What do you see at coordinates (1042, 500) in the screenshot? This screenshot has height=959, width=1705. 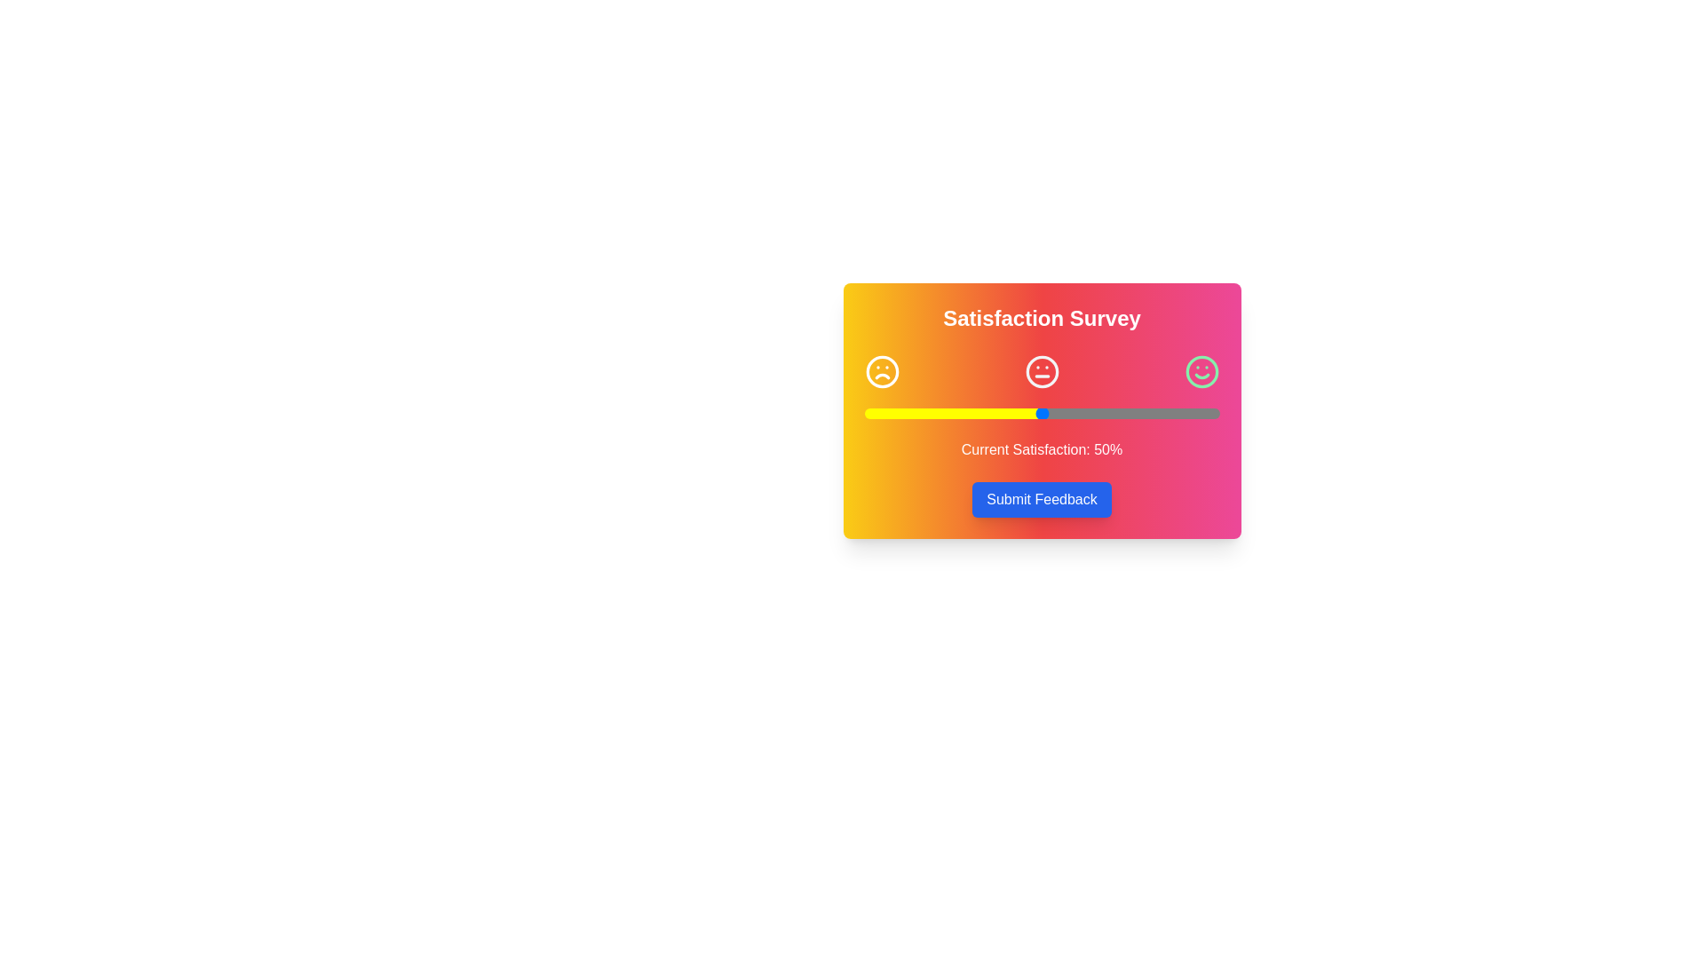 I see `the 'Submit Feedback' button to submit the satisfaction level` at bounding box center [1042, 500].